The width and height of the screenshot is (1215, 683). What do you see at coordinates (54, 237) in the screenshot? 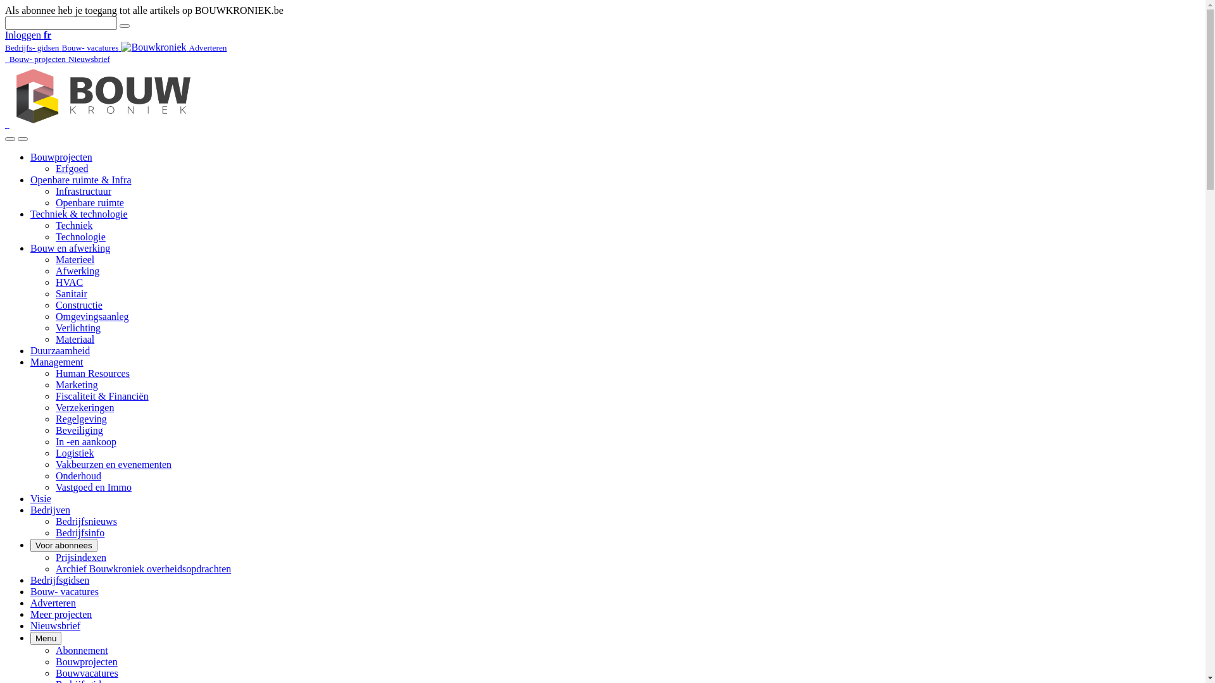
I see `'Technologie'` at bounding box center [54, 237].